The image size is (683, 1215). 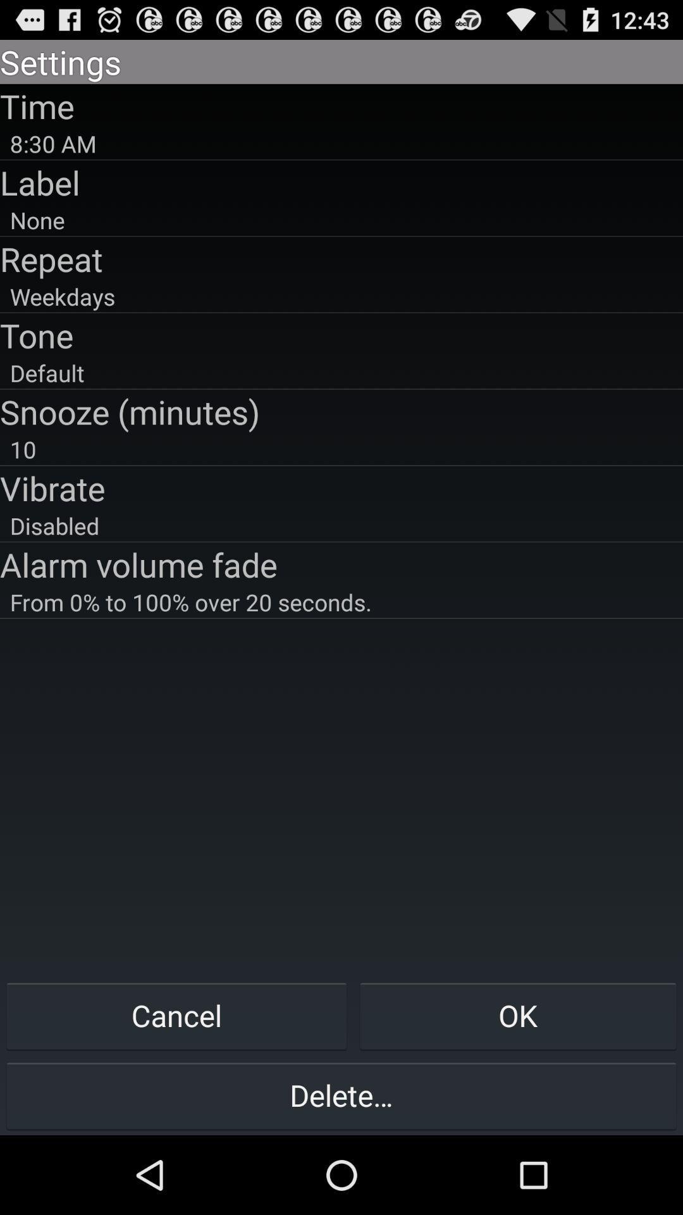 I want to click on the item below repeat app, so click(x=341, y=296).